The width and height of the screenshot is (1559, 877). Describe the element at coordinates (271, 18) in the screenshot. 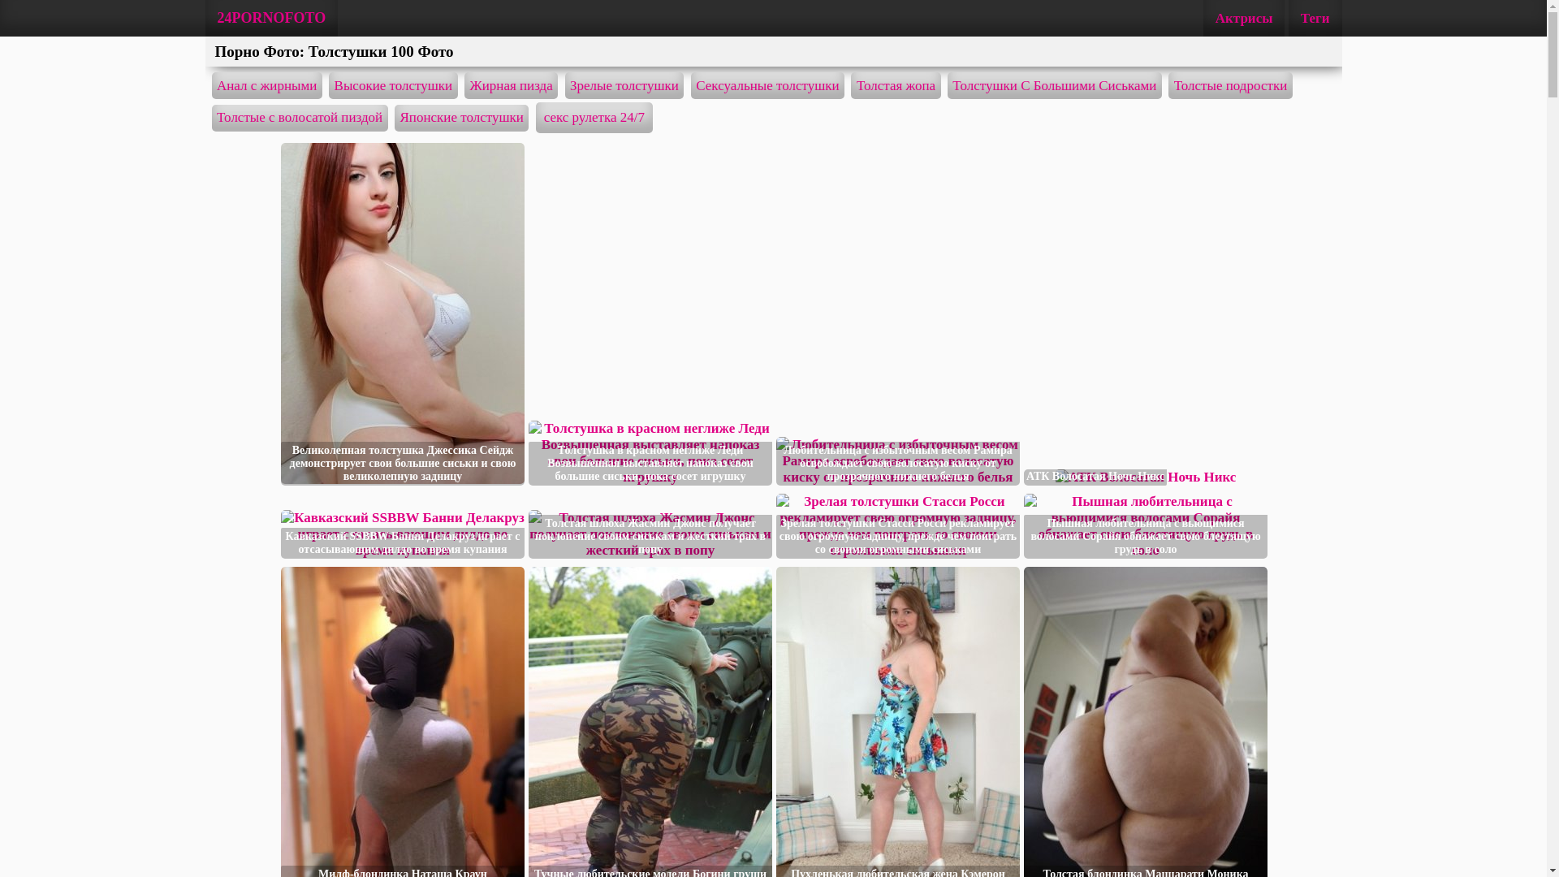

I see `'24PORNOFOTO'` at that location.